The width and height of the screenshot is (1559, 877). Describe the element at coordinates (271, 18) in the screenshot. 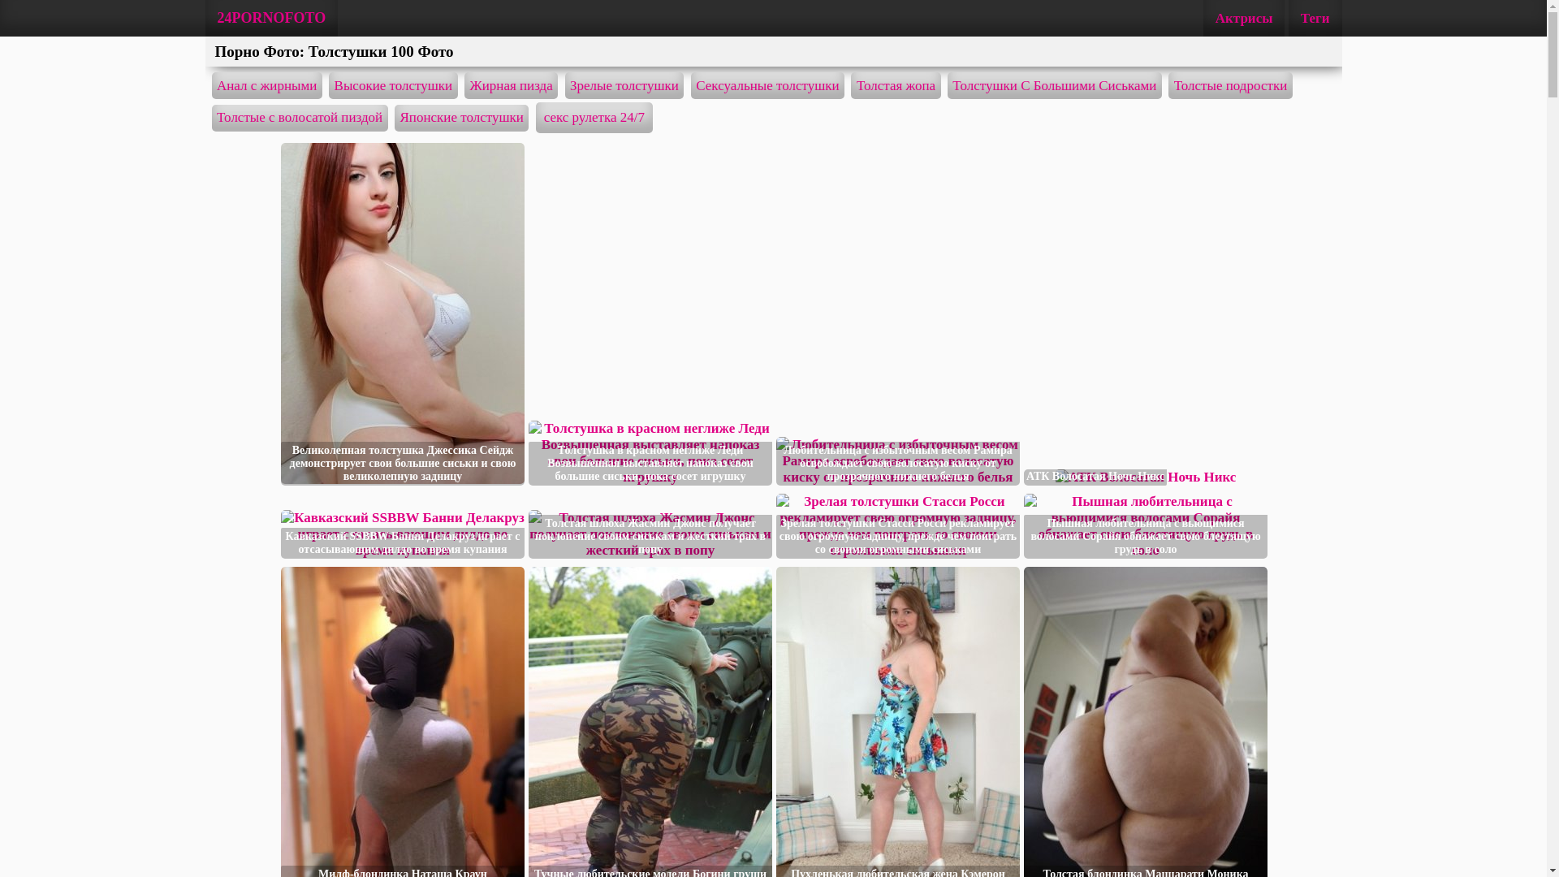

I see `'24PORNOFOTO'` at that location.